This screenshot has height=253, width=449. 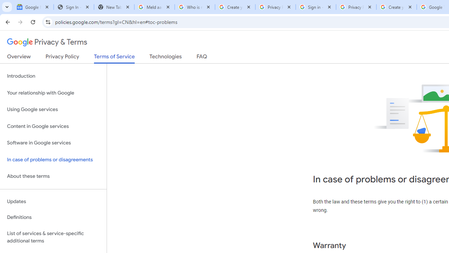 I want to click on 'List of services & service-specific additional terms', so click(x=53, y=237).